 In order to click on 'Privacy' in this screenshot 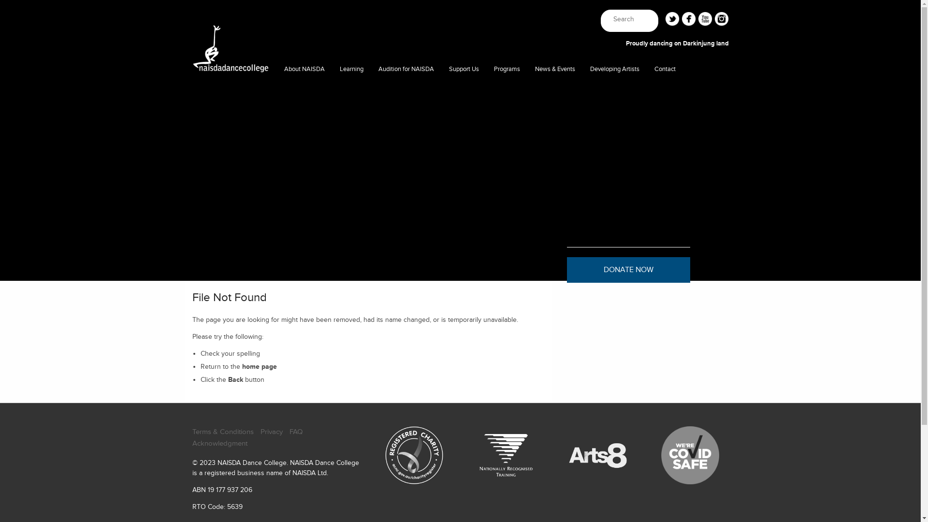, I will do `click(271, 432)`.